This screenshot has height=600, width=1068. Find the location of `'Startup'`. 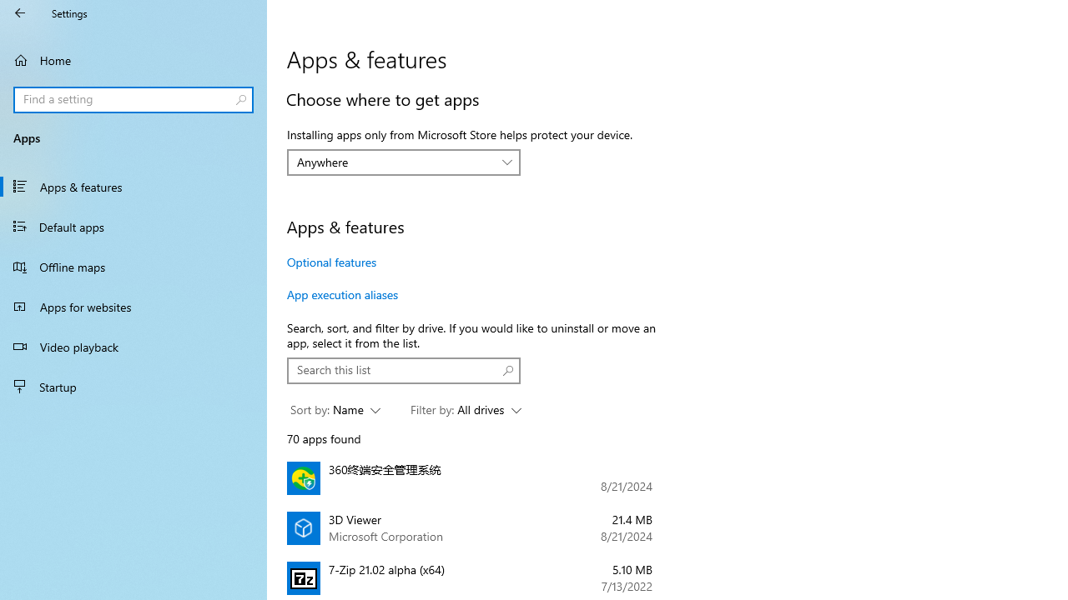

'Startup' is located at coordinates (133, 387).